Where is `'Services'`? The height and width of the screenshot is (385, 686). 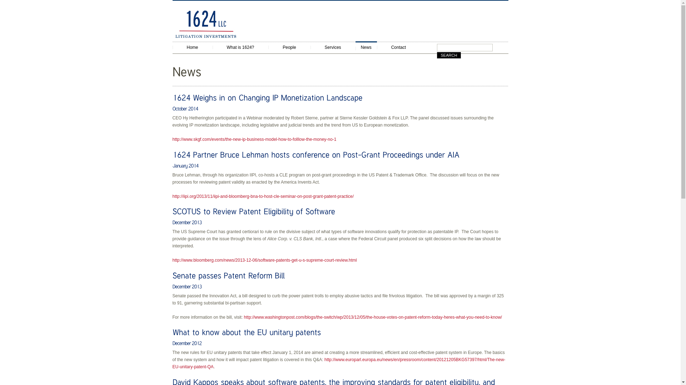 'Services' is located at coordinates (332, 47).